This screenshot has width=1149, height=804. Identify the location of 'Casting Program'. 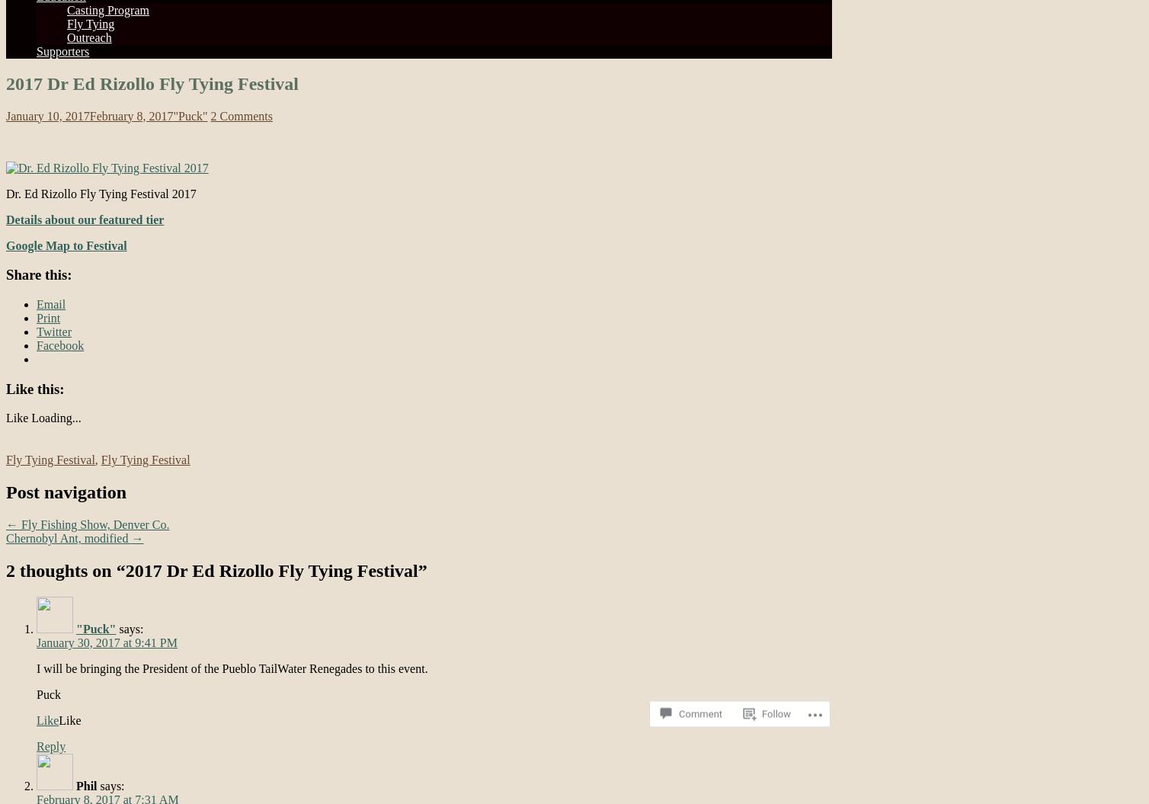
(108, 9).